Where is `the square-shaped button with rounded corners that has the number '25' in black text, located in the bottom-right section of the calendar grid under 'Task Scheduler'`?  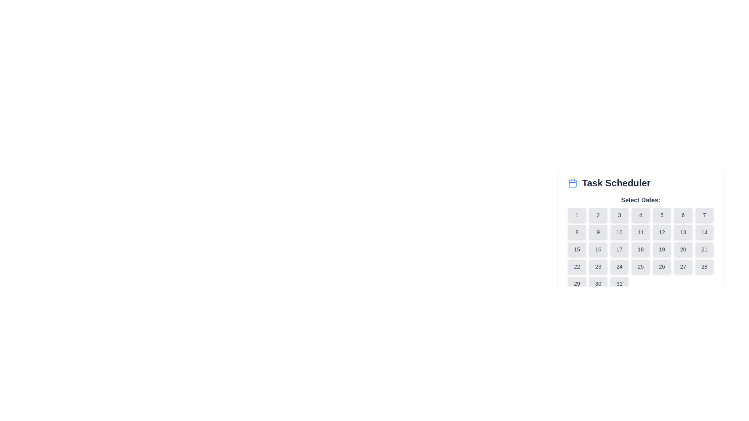
the square-shaped button with rounded corners that has the number '25' in black text, located in the bottom-right section of the calendar grid under 'Task Scheduler' is located at coordinates (641, 266).